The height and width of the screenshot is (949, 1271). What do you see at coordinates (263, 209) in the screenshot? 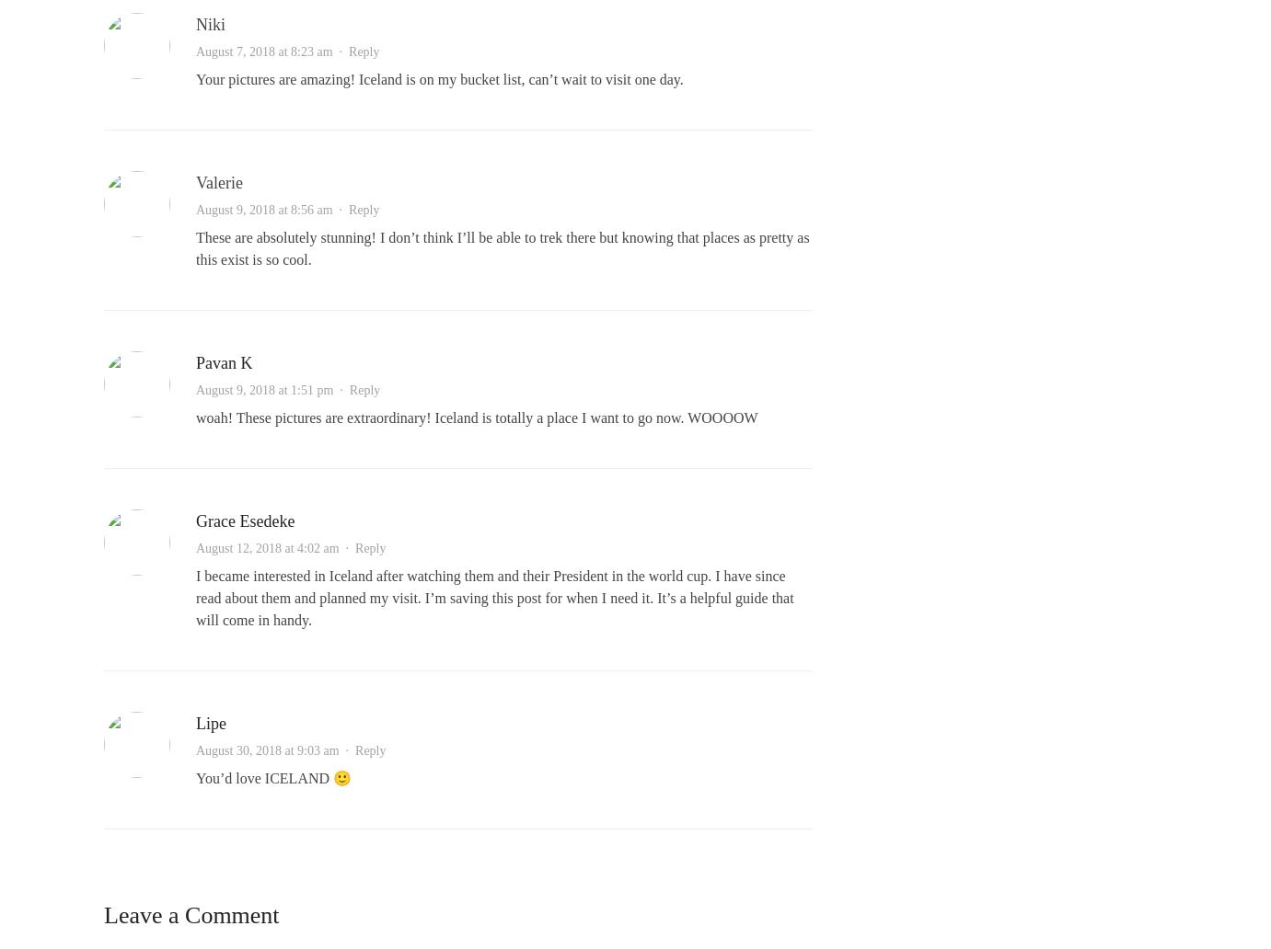
I see `'August 9, 2018 at 8:56 am'` at bounding box center [263, 209].